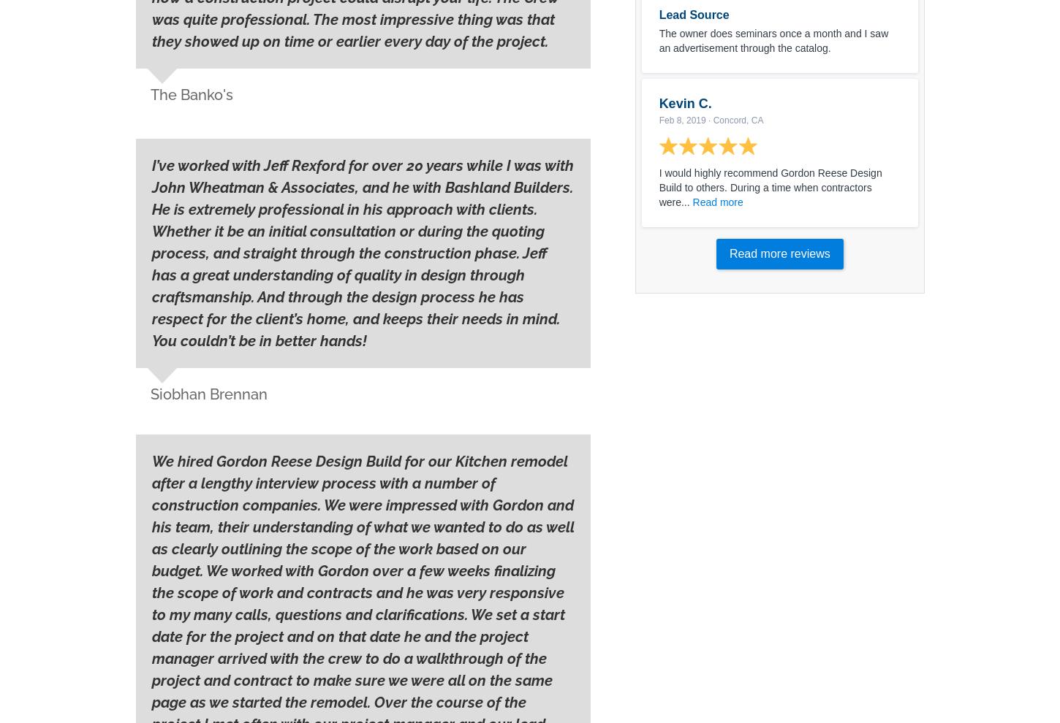  What do you see at coordinates (717, 202) in the screenshot?
I see `'Read more'` at bounding box center [717, 202].